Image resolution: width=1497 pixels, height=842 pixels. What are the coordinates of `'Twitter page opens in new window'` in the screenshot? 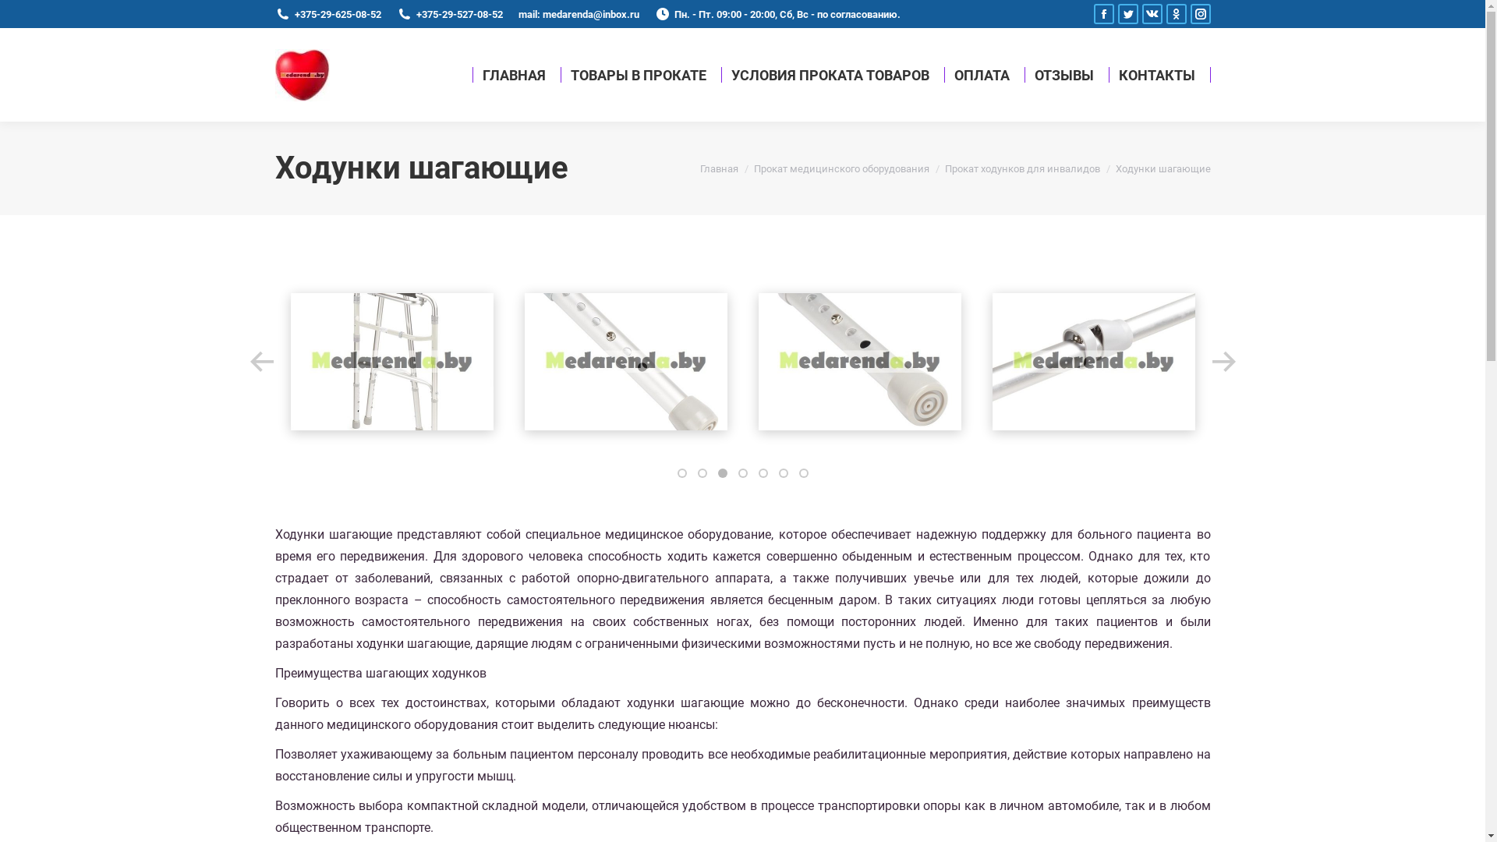 It's located at (1127, 14).